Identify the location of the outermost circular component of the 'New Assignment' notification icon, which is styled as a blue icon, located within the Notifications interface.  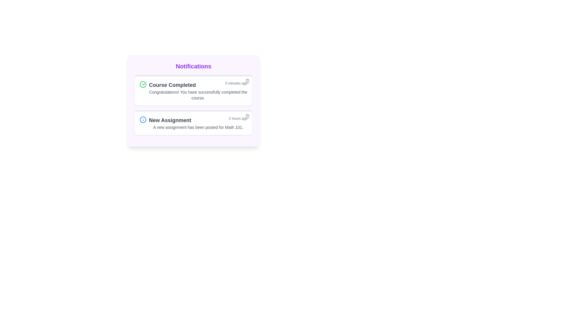
(143, 119).